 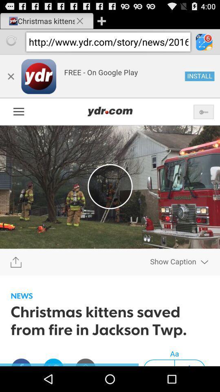 I want to click on the add icon, so click(x=101, y=22).